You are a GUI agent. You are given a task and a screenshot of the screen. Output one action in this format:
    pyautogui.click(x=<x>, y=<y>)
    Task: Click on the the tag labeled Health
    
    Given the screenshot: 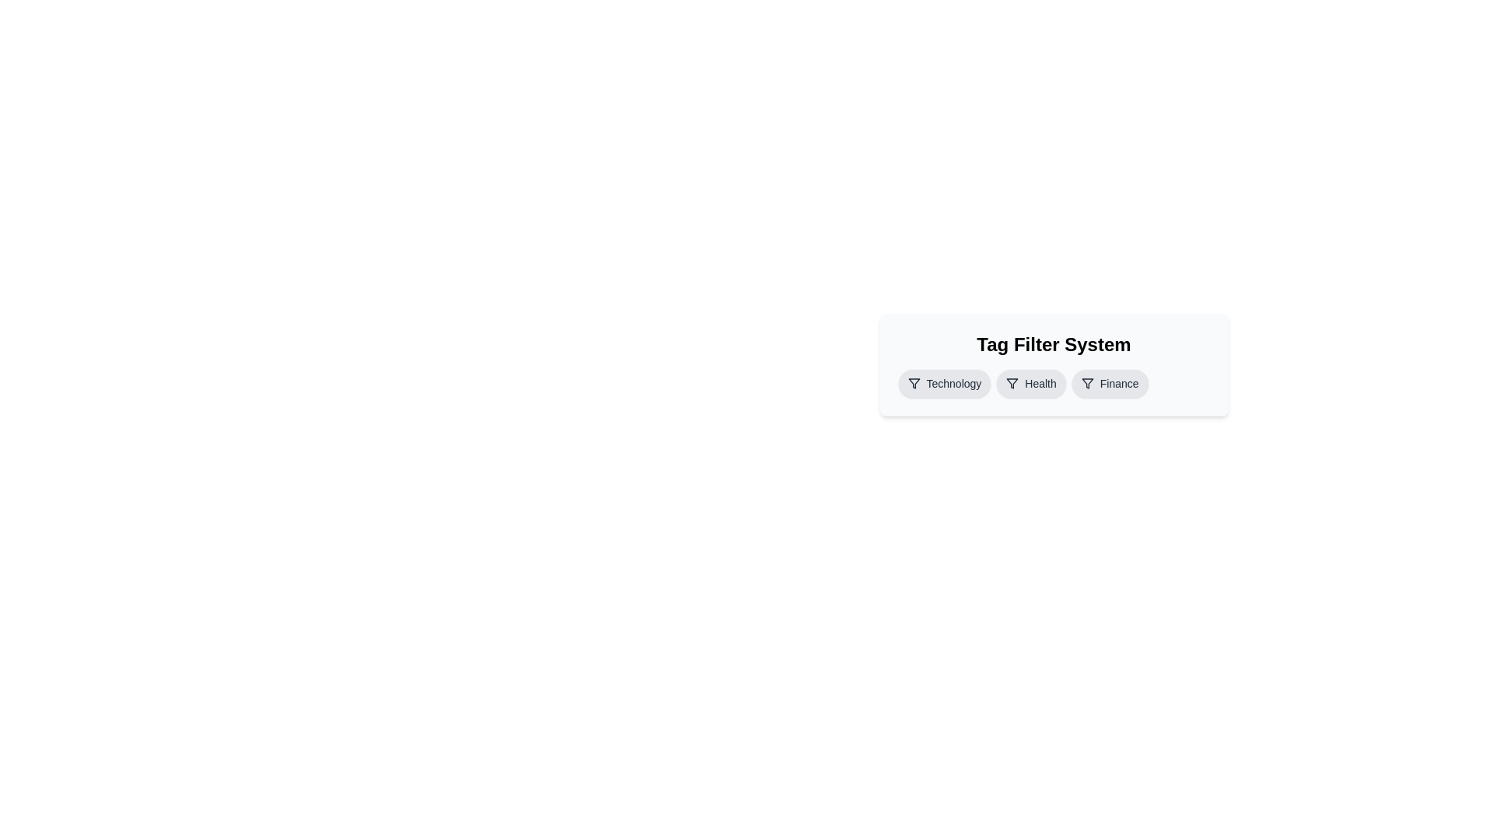 What is the action you would take?
    pyautogui.click(x=1030, y=383)
    